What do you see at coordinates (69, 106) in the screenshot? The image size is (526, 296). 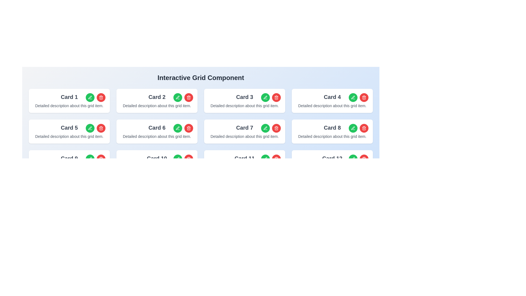 I see `descriptive text 'Detailed description about this grid item.' located under the heading 'Card 1' in the grid layout` at bounding box center [69, 106].